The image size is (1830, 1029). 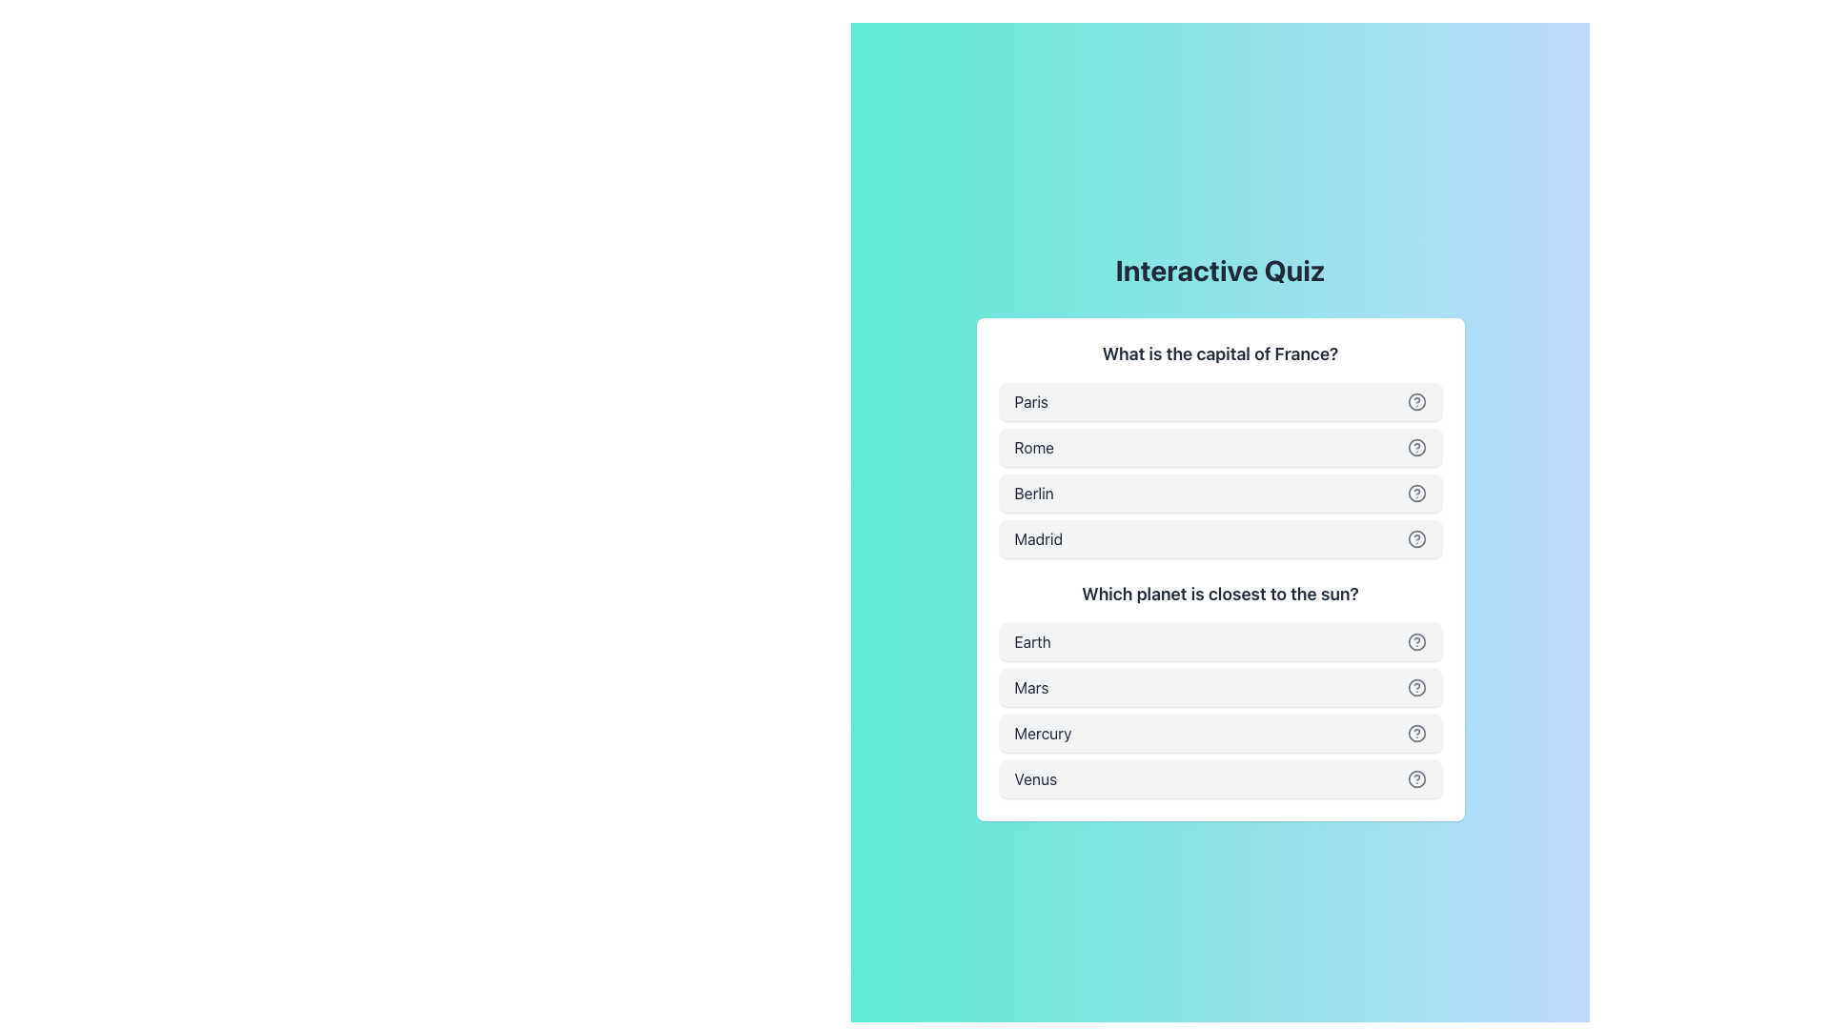 I want to click on the button that selects 'Mars' as the answer to the question 'Which planet is closest to the sun?'. This button is the second choice in a vertically stacked list, positioned after 'Earth' and before 'Mercury', so click(x=1220, y=687).